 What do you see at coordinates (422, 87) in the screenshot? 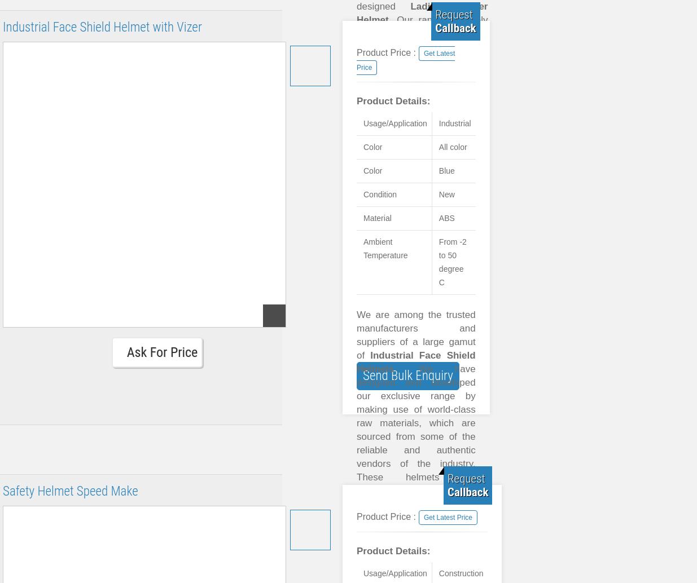
I see `'. Our range is widely acclaimed for their wear and tear resistance, durability, strong construction, lightweight, longer serving life and comfortable fittings. Clients can avail our comprehensive range of diverse specifications and at most reasonable rates as per their requirements.'` at bounding box center [422, 87].